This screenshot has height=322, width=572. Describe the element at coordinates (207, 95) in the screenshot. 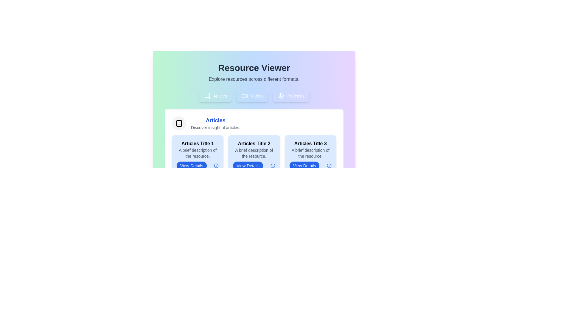

I see `the 'Articles' icon in the navigation menu` at that location.